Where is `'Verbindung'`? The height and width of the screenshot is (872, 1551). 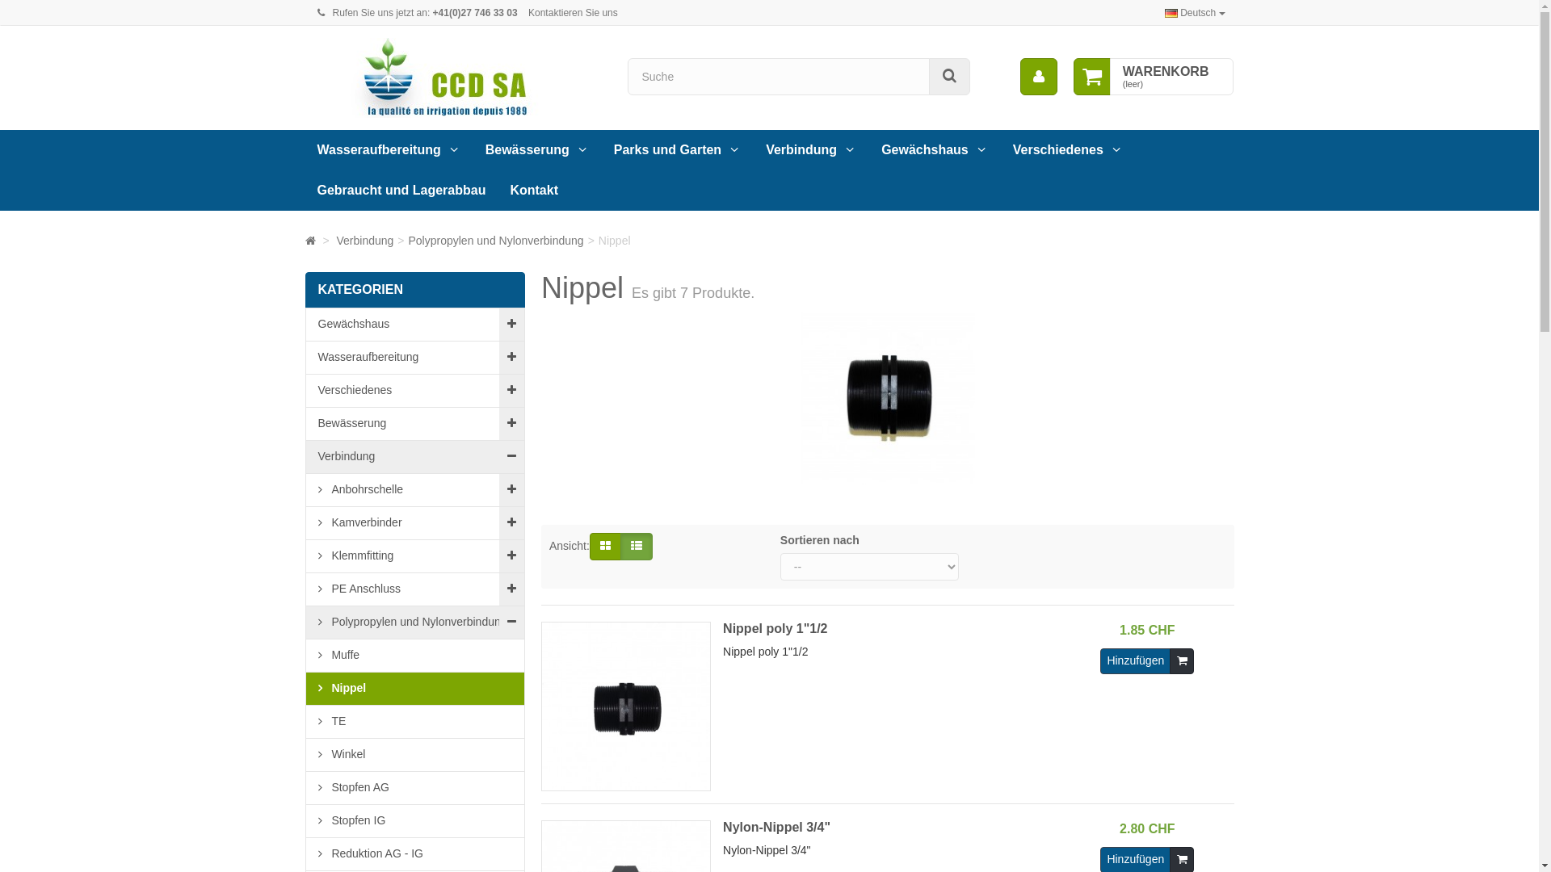 'Verbindung' is located at coordinates (414, 457).